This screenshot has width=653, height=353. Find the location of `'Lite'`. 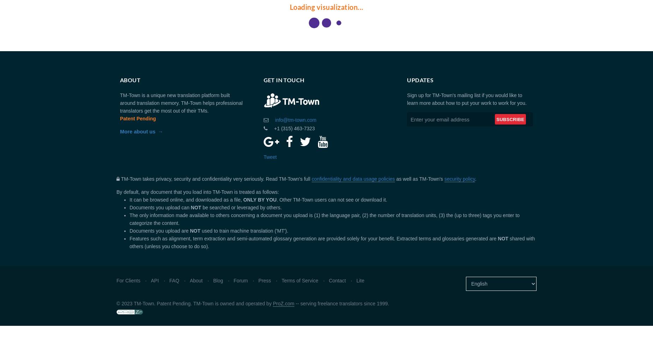

'Lite' is located at coordinates (360, 281).